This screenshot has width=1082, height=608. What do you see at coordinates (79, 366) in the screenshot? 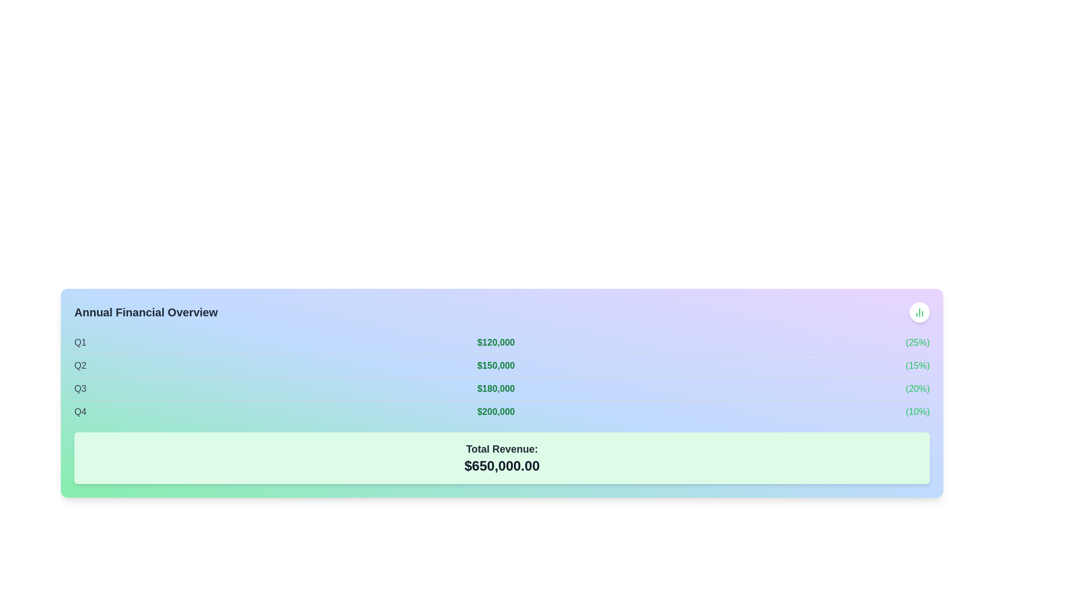
I see `the label indicating the second quarter (Q2) in the financial overview section, which is positioned to the left of the '$150,000' and '(15%)' entries` at bounding box center [79, 366].